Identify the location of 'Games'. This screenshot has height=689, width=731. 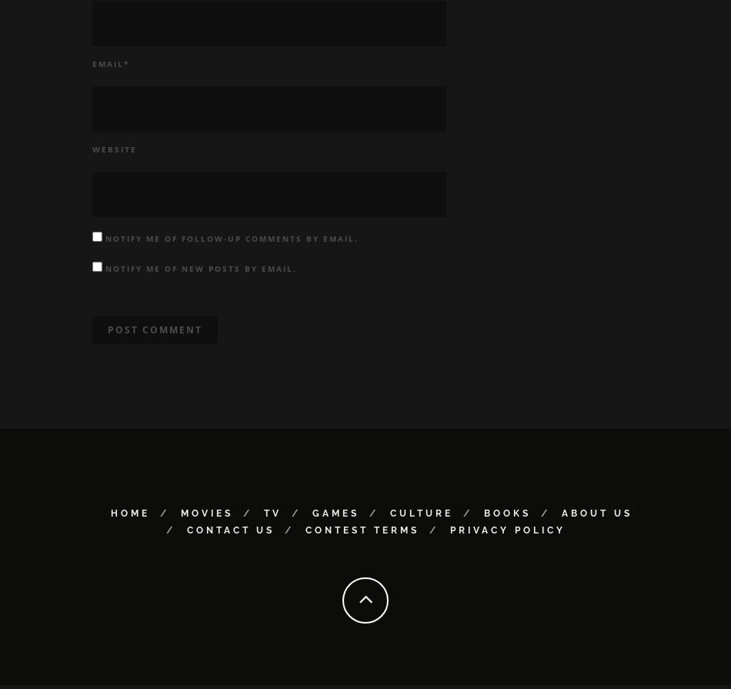
(334, 517).